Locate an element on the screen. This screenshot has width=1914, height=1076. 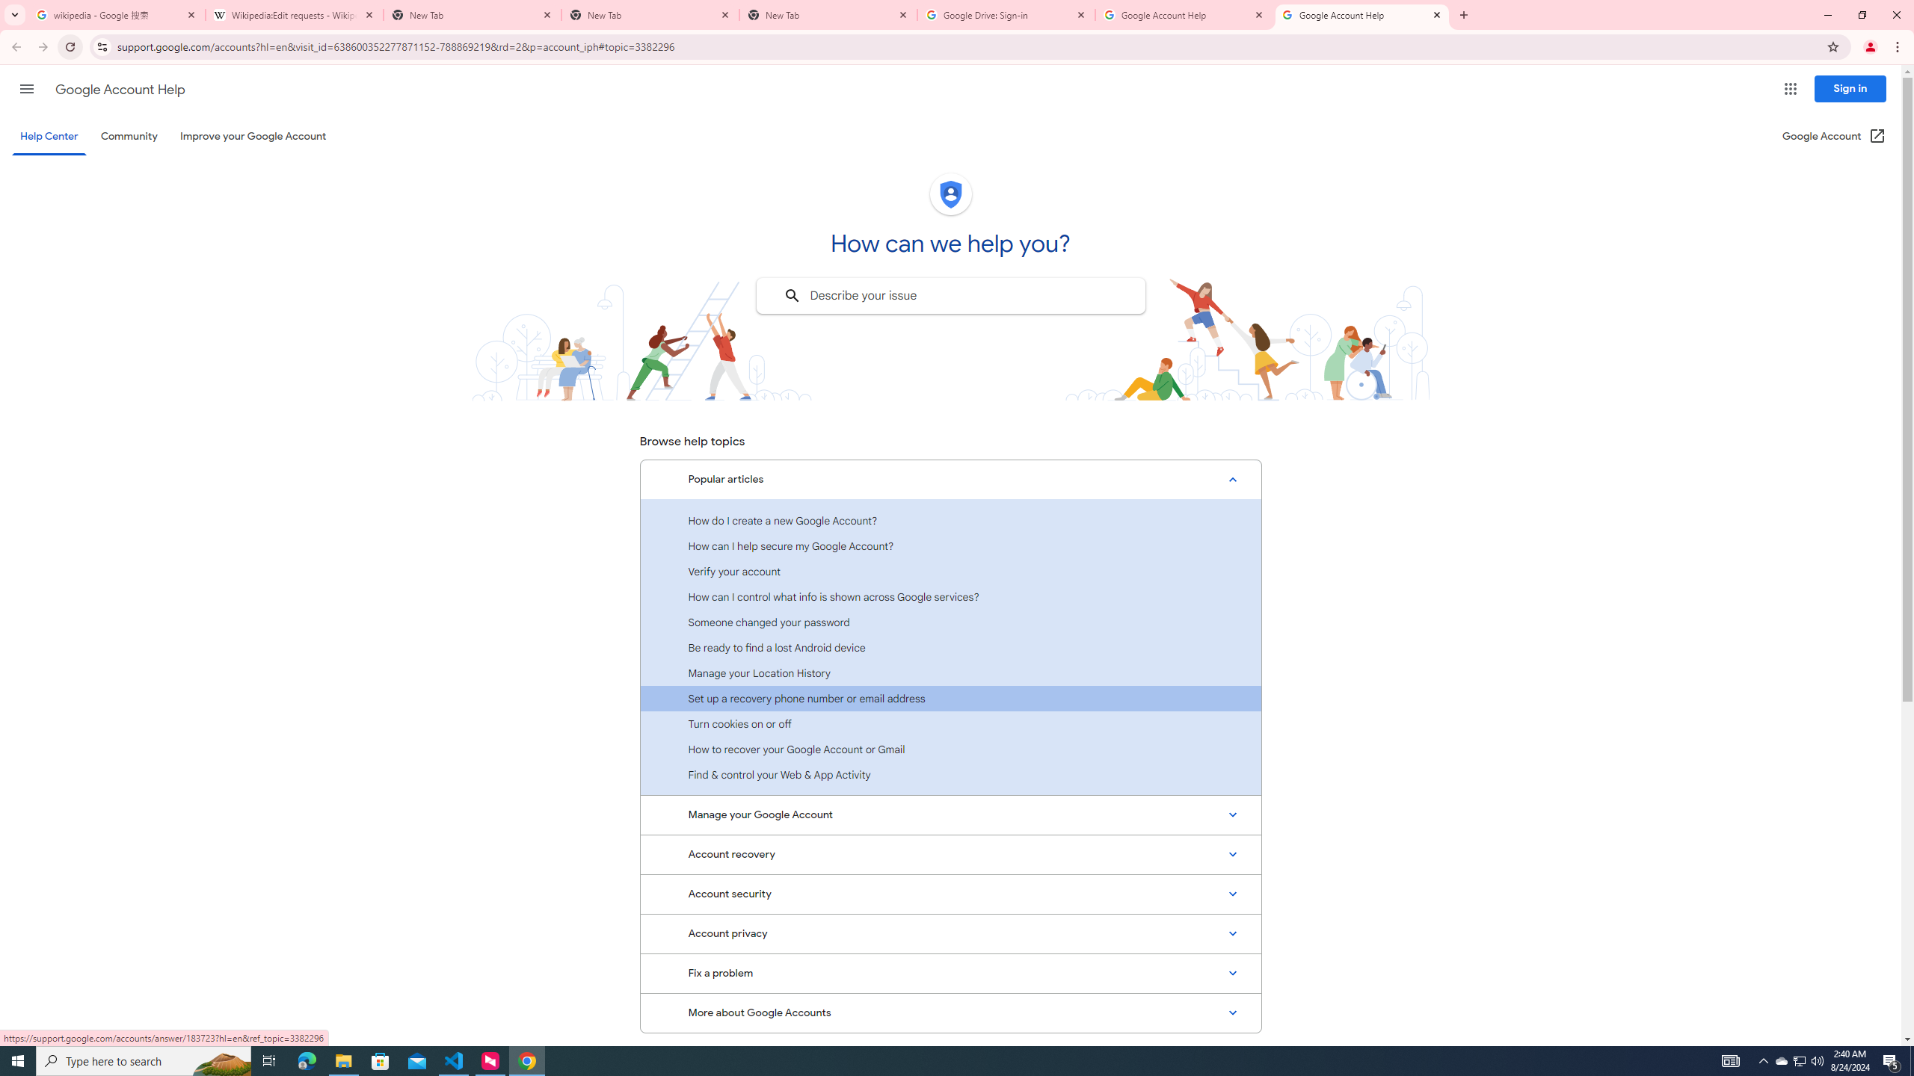
'Set up a recovery phone number or email address' is located at coordinates (950, 698).